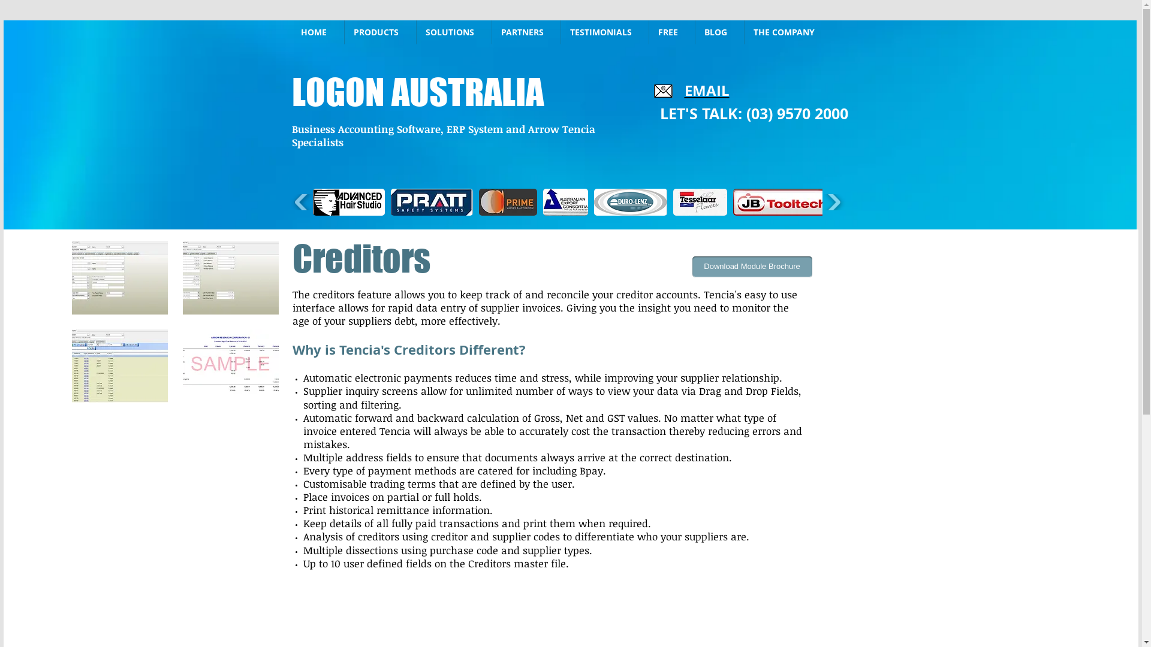 The width and height of the screenshot is (1151, 647). What do you see at coordinates (788, 32) in the screenshot?
I see `'THE COMPANY'` at bounding box center [788, 32].